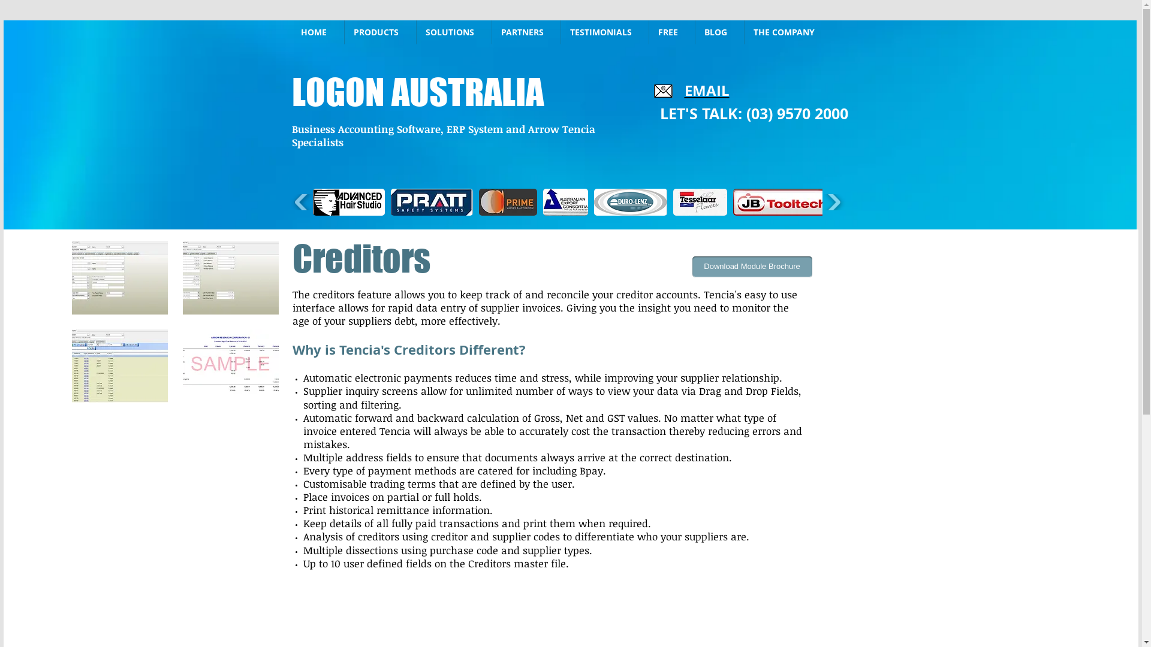 The width and height of the screenshot is (1151, 647). What do you see at coordinates (788, 32) in the screenshot?
I see `'THE COMPANY'` at bounding box center [788, 32].